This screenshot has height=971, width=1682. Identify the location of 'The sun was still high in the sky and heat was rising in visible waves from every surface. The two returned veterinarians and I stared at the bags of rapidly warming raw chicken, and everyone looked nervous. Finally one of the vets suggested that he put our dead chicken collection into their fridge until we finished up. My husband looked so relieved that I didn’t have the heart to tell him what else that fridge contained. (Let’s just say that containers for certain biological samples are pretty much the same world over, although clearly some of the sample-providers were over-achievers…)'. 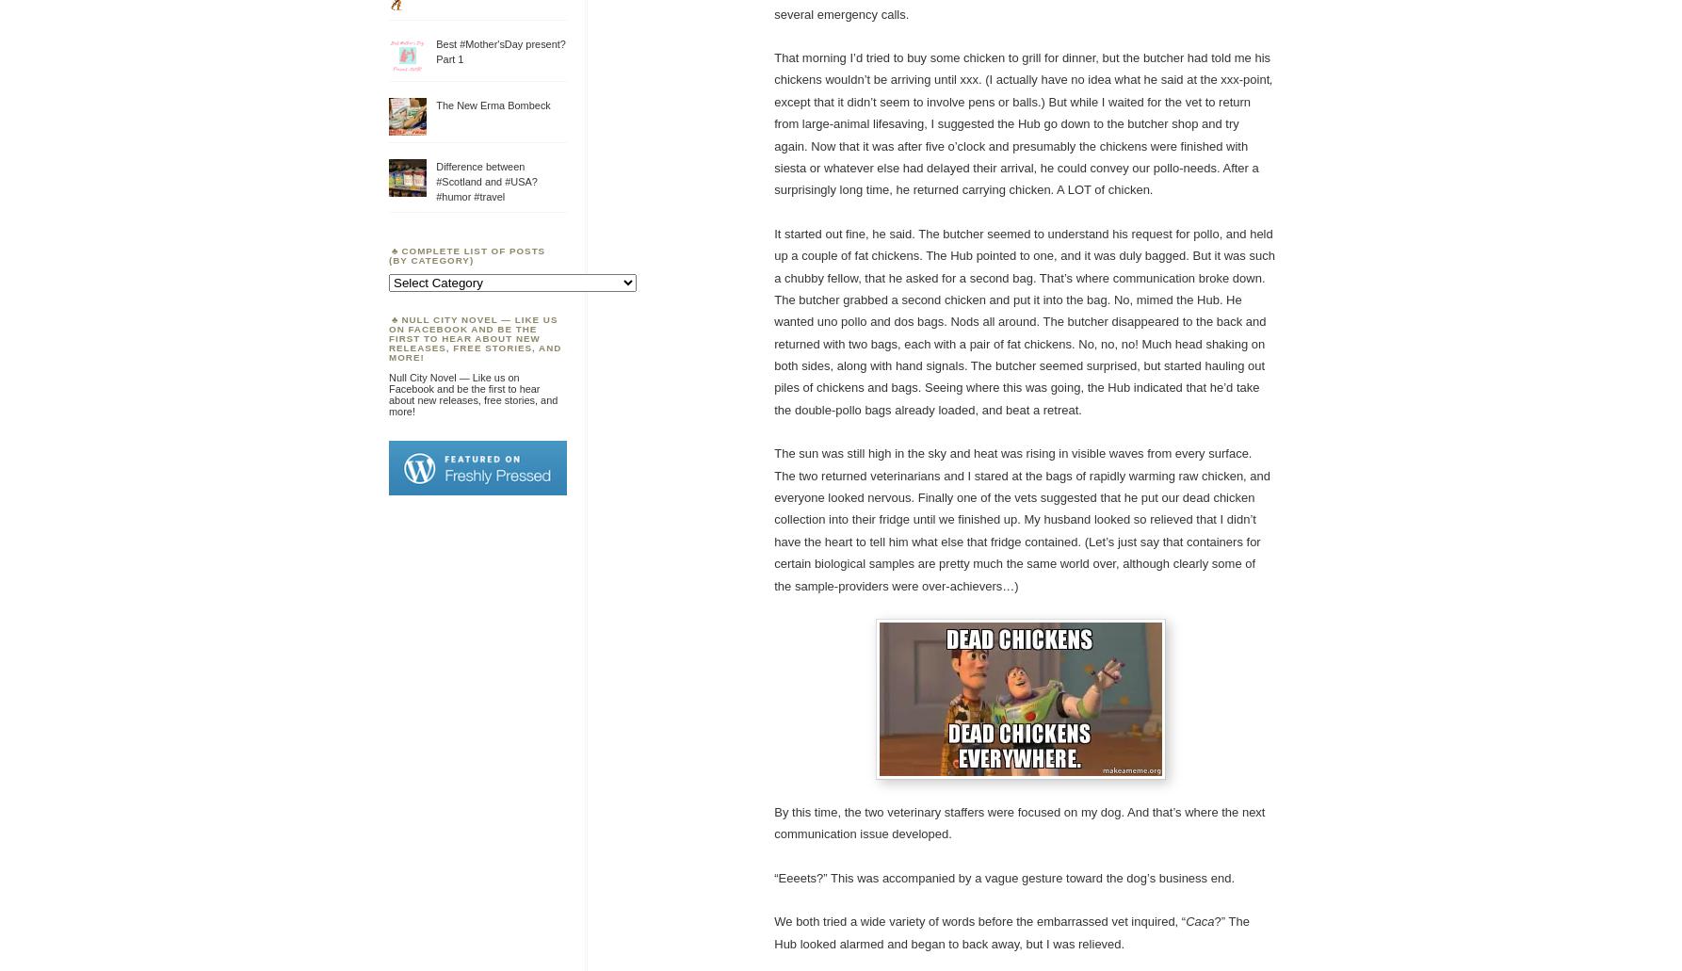
(1021, 518).